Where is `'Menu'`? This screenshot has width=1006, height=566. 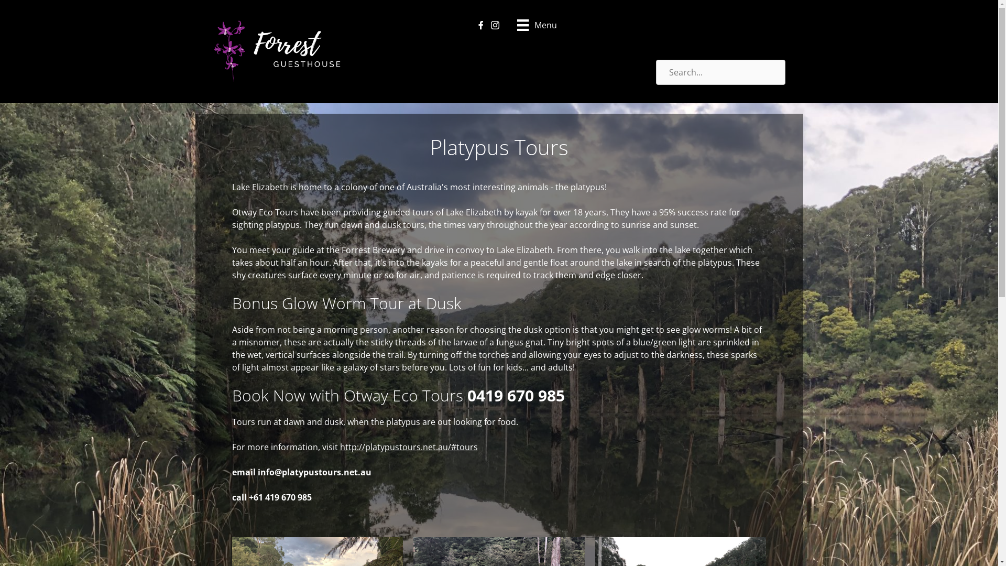 'Menu' is located at coordinates (537, 24).